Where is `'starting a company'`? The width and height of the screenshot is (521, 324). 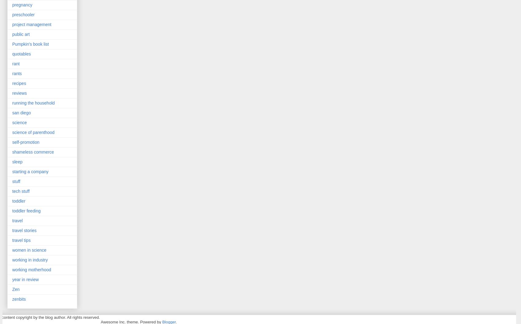
'starting a company' is located at coordinates (30, 171).